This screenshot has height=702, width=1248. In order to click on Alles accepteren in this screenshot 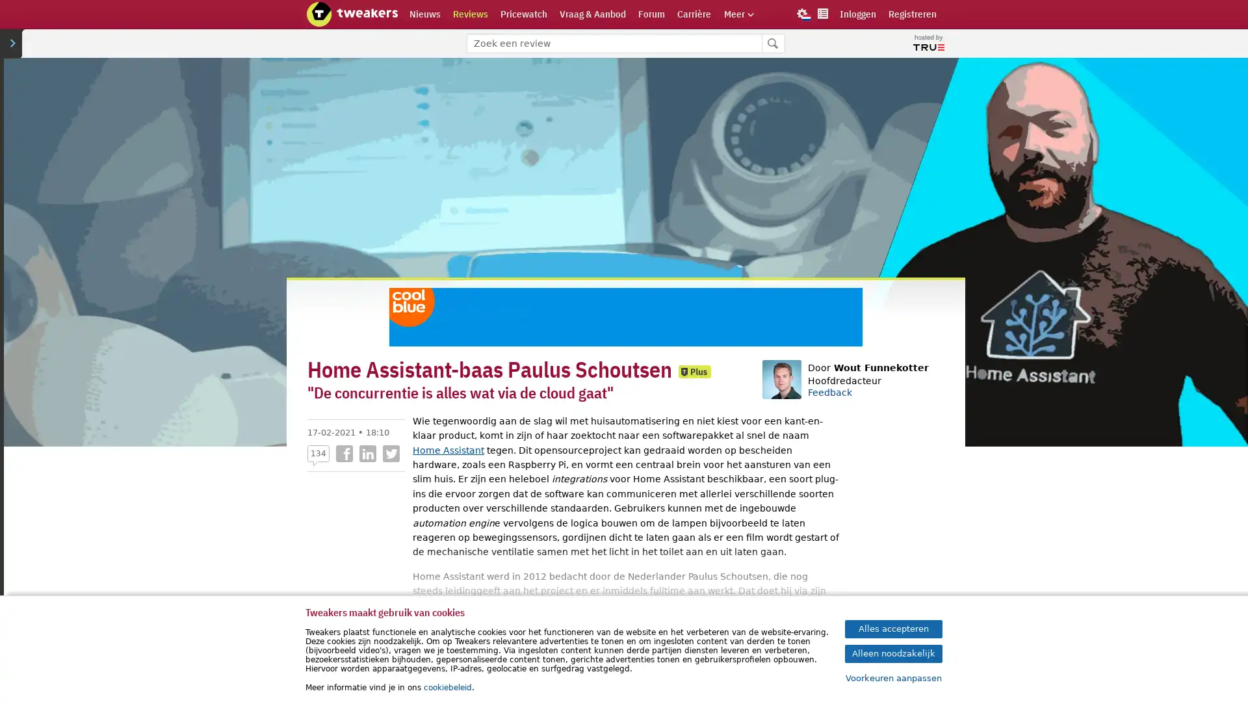, I will do `click(892, 629)`.